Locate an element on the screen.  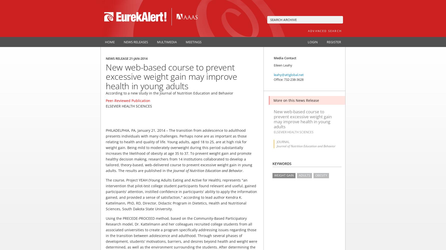
'.' is located at coordinates (243, 170).